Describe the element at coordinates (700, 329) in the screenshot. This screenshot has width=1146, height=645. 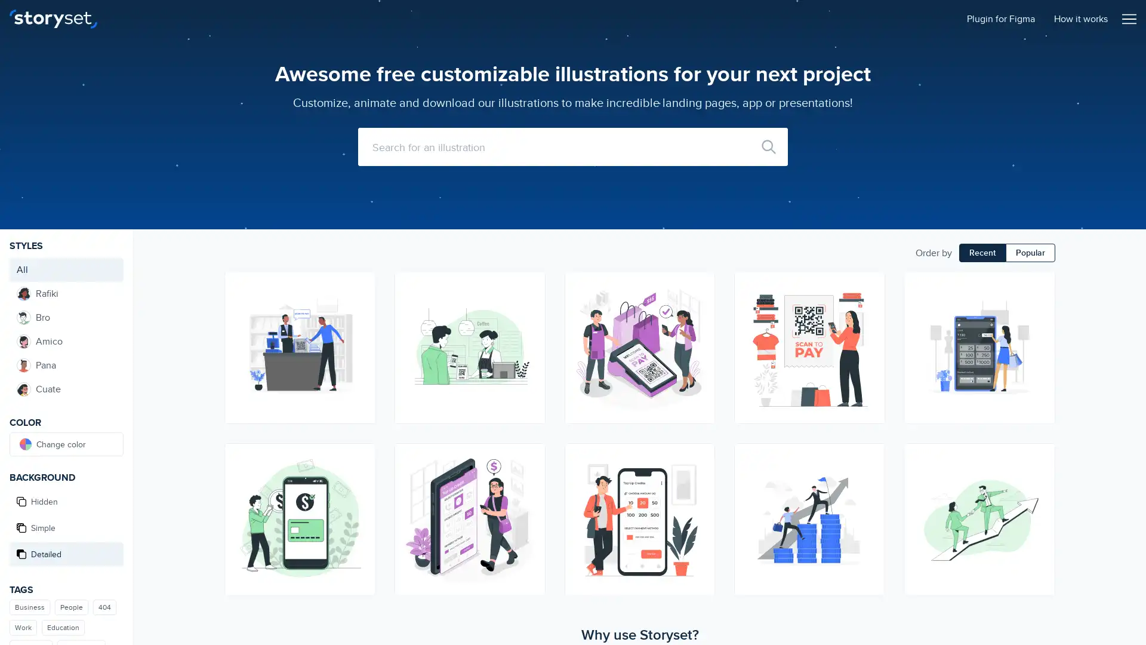
I see `Pinterest icon Save` at that location.